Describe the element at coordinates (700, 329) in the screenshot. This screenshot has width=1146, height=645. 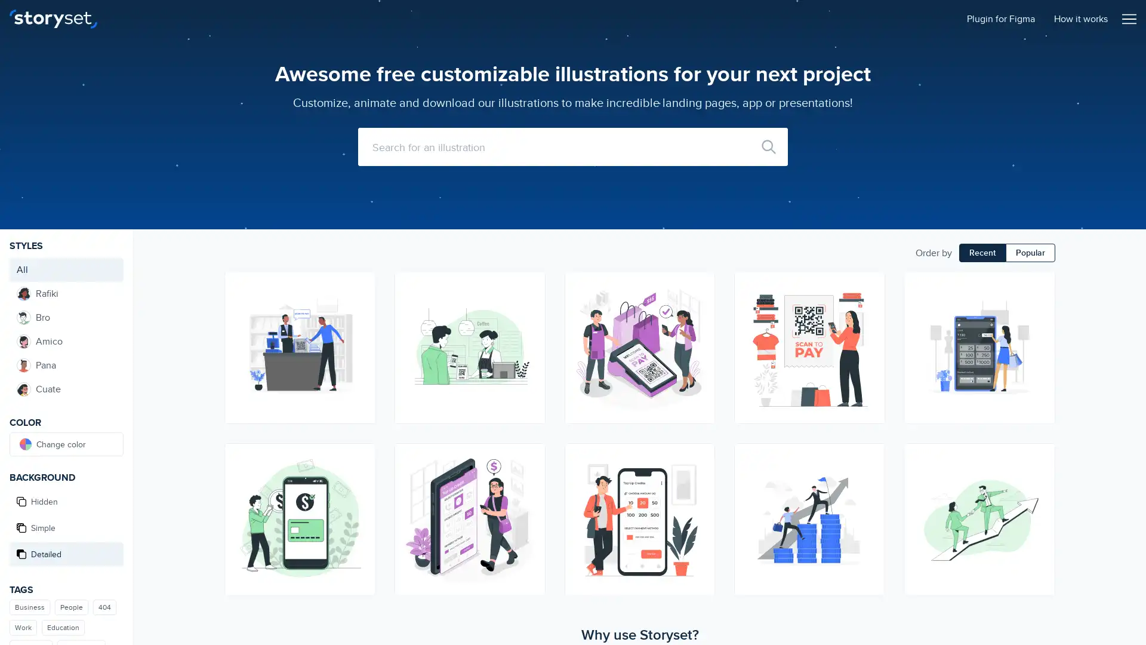
I see `Pinterest icon Save` at that location.